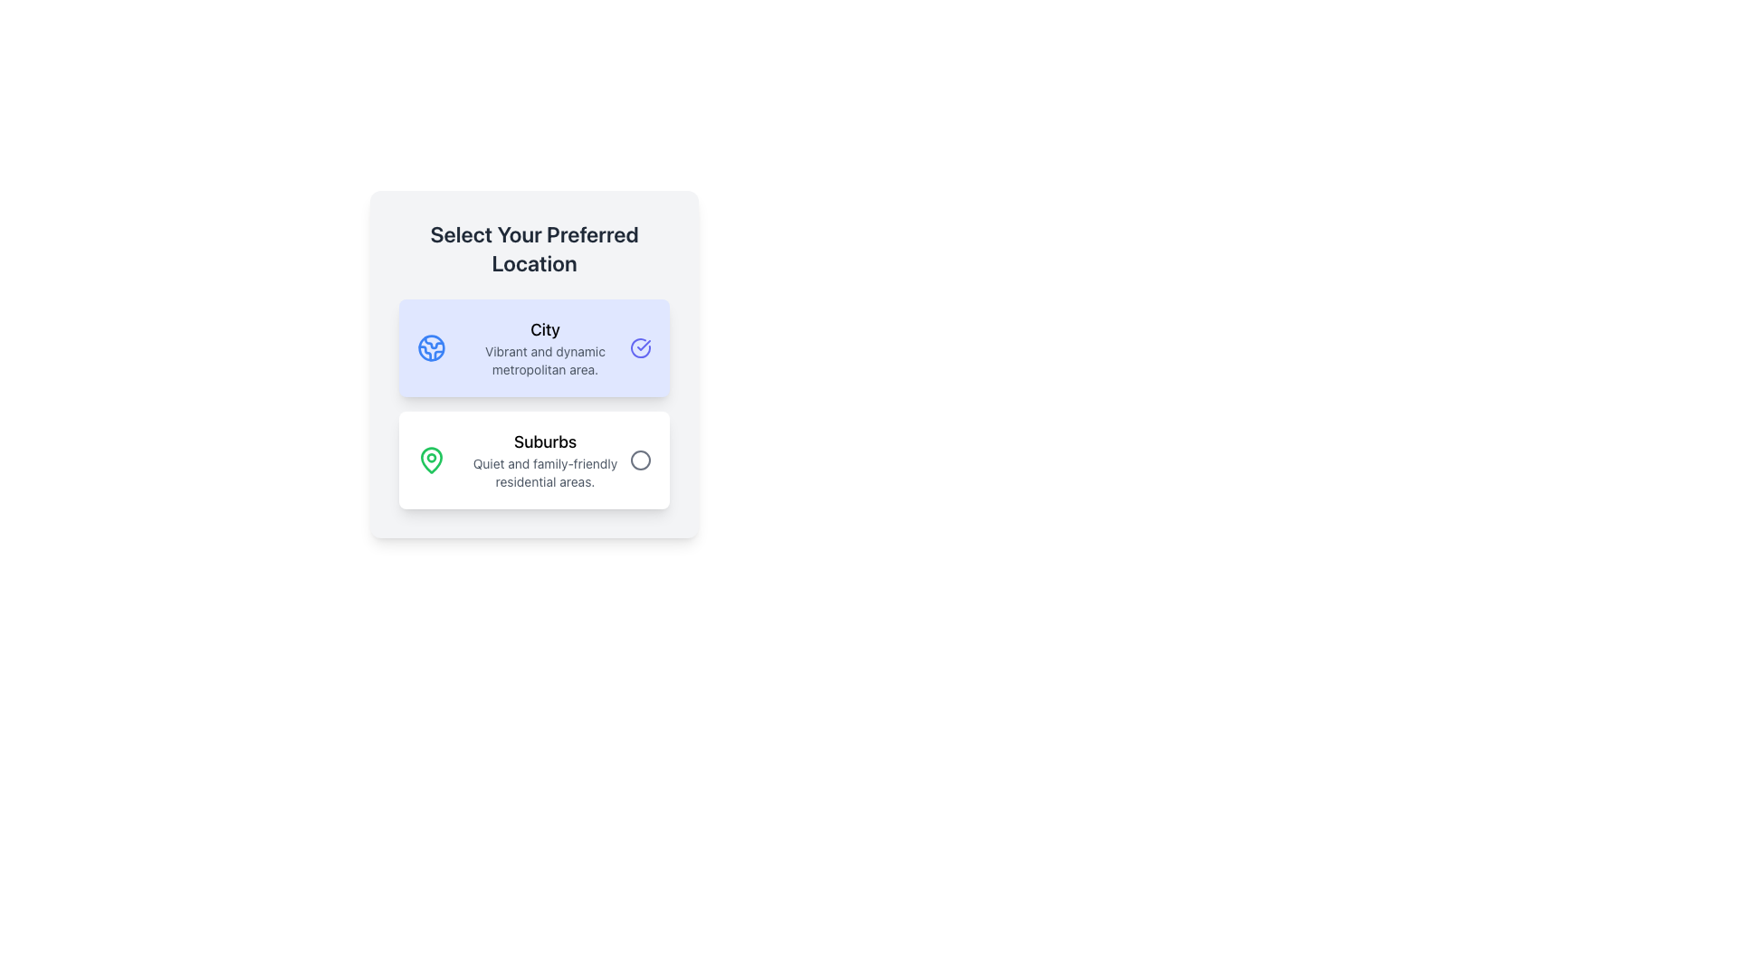 This screenshot has width=1738, height=977. Describe the element at coordinates (430, 459) in the screenshot. I see `the decorative icon representing the 'Suburbs' option, which is located at the start of the option's row, to the left of the descriptive text 'Quiet and family-friendly residential areas.'` at that location.